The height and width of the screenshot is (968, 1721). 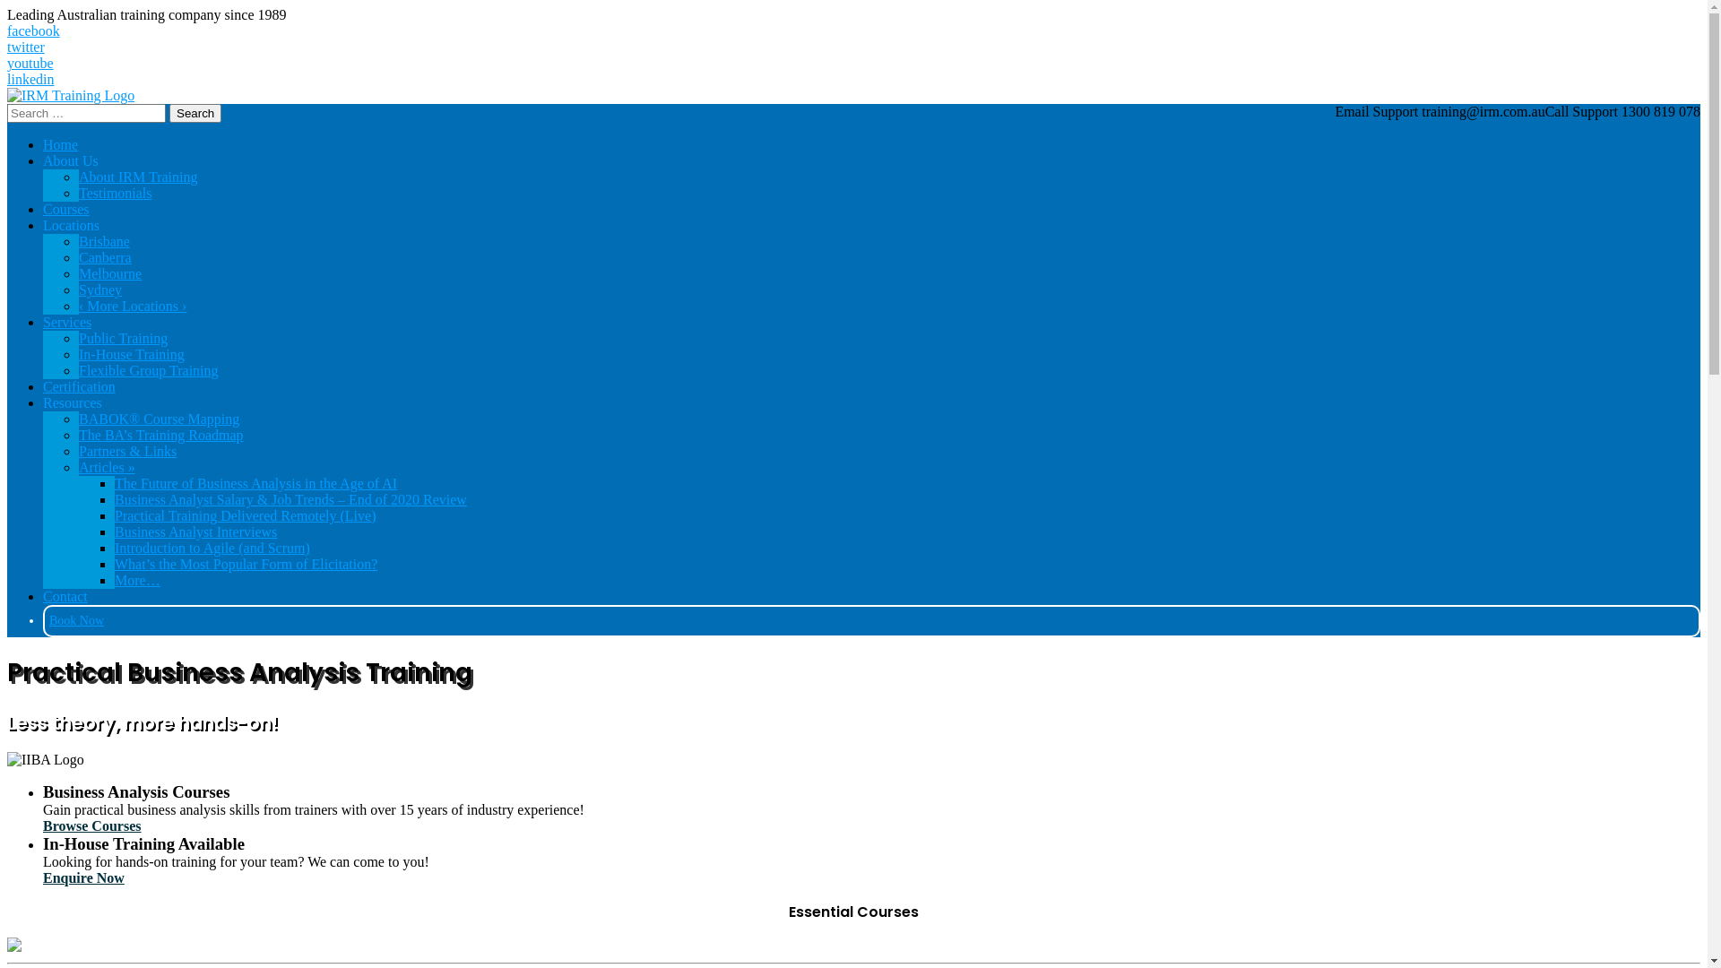 I want to click on 'Resources', so click(x=72, y=402).